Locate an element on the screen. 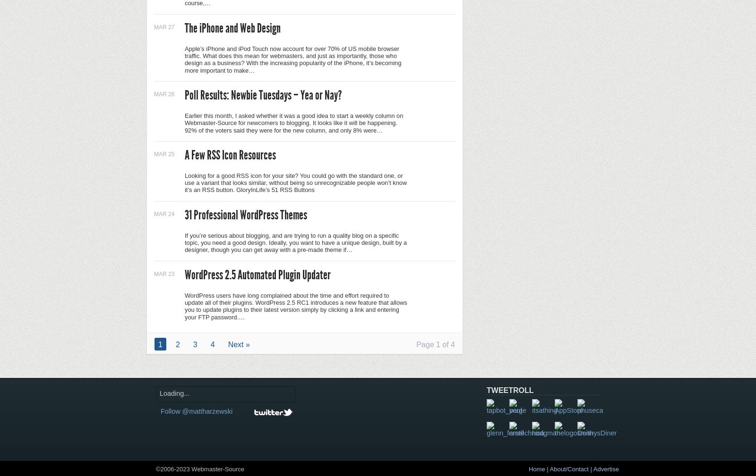 The height and width of the screenshot is (476, 756). 'If you’re serious about blogging, and are trying to run a quality blog on a specific topic, you need a good design. Ideally, you want to have a unique design, built by a designer, though you can get away with a pre-made theme if…' is located at coordinates (295, 242).